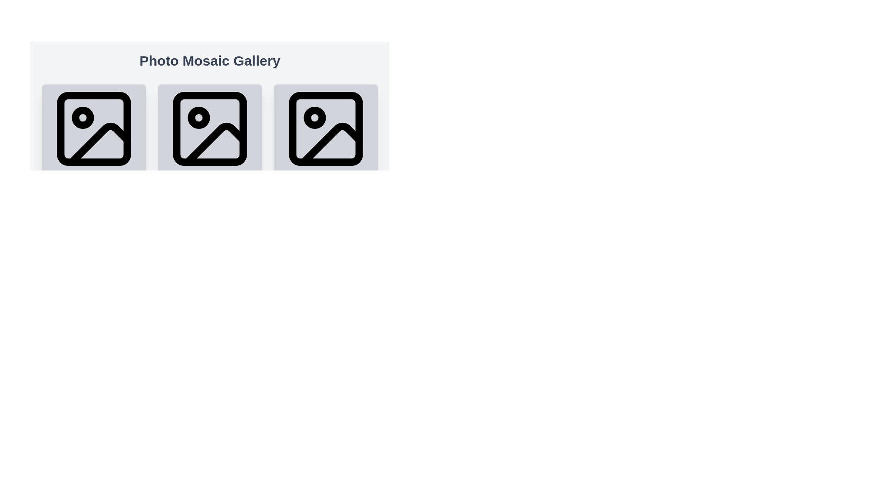 The height and width of the screenshot is (499, 887). What do you see at coordinates (209, 128) in the screenshot?
I see `the small rectangle with rounded corners, filled with a light gray shade, located at the top-left corner of the image icon in the SVG` at bounding box center [209, 128].